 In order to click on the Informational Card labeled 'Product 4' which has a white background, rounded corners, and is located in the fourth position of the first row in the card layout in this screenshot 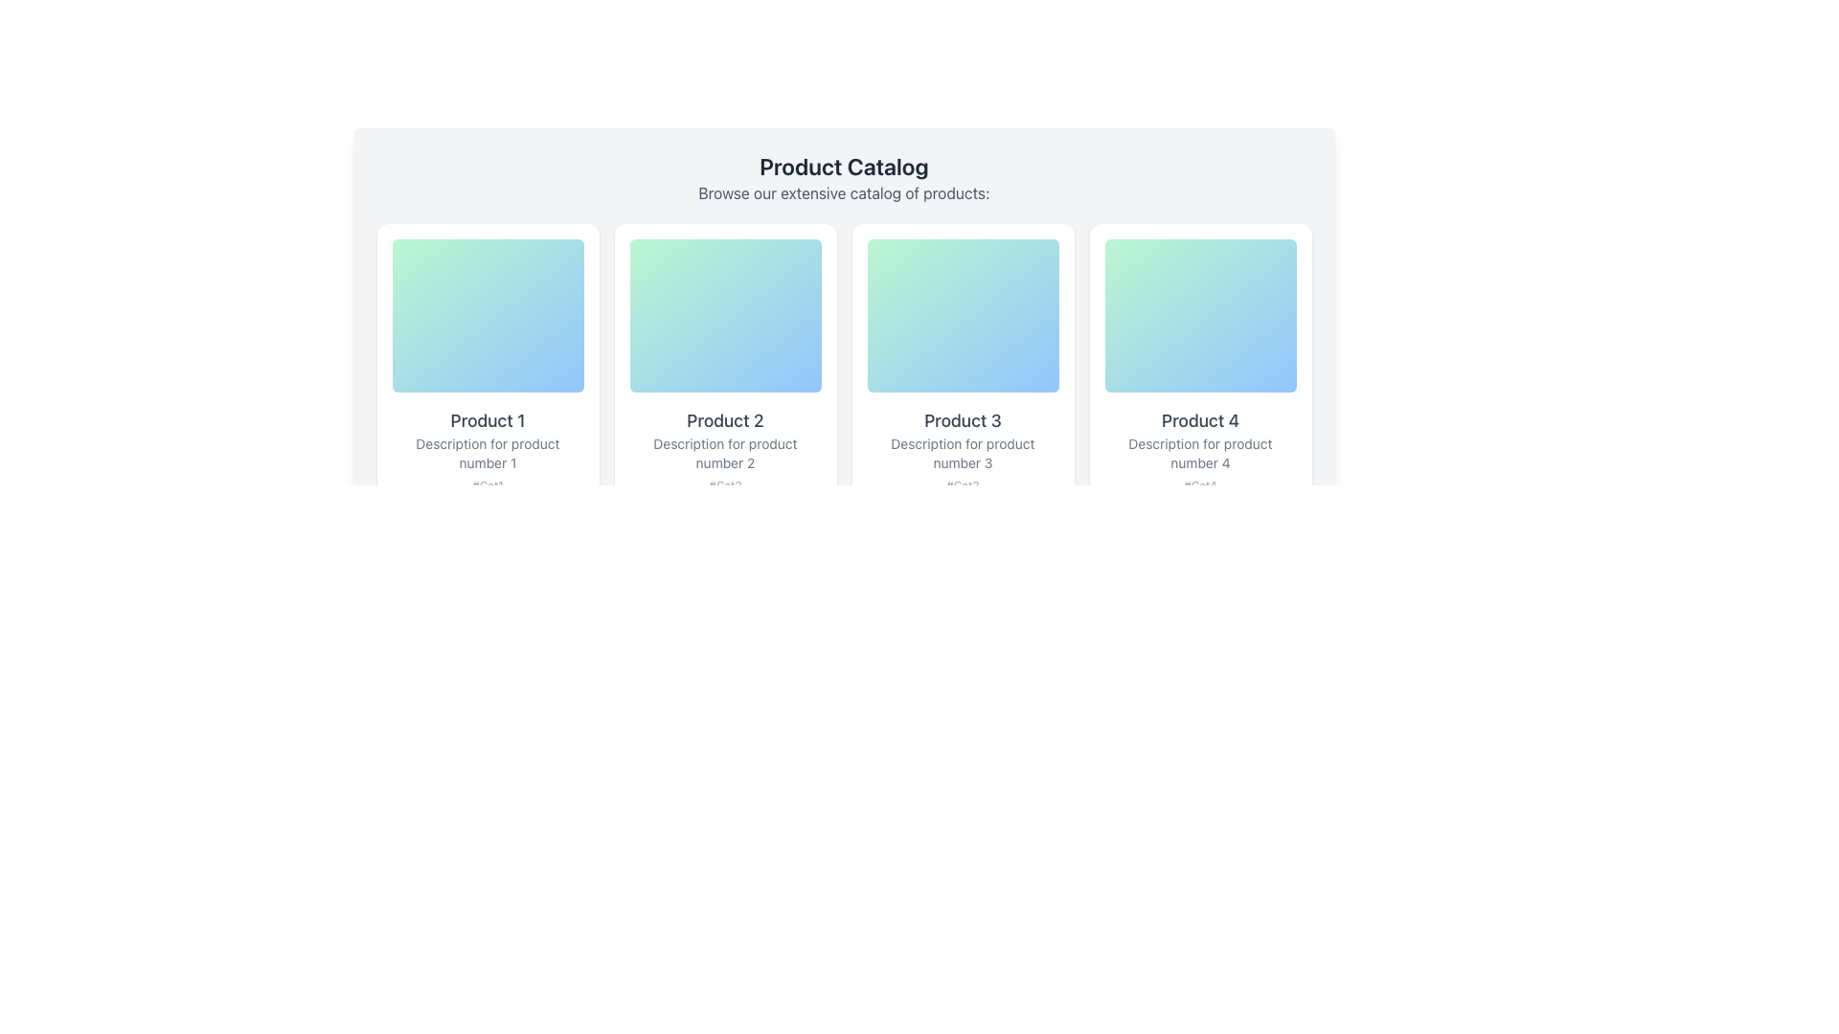, I will do `click(1199, 368)`.